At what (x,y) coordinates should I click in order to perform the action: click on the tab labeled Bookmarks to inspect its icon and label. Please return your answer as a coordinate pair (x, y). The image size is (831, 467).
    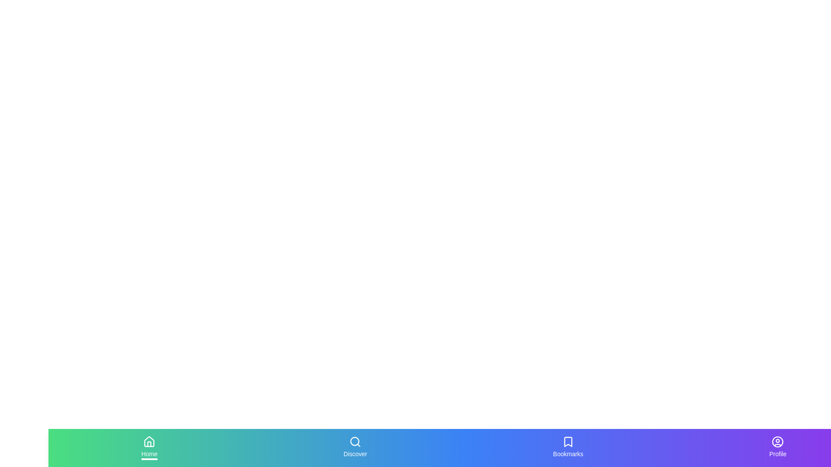
    Looking at the image, I should click on (567, 448).